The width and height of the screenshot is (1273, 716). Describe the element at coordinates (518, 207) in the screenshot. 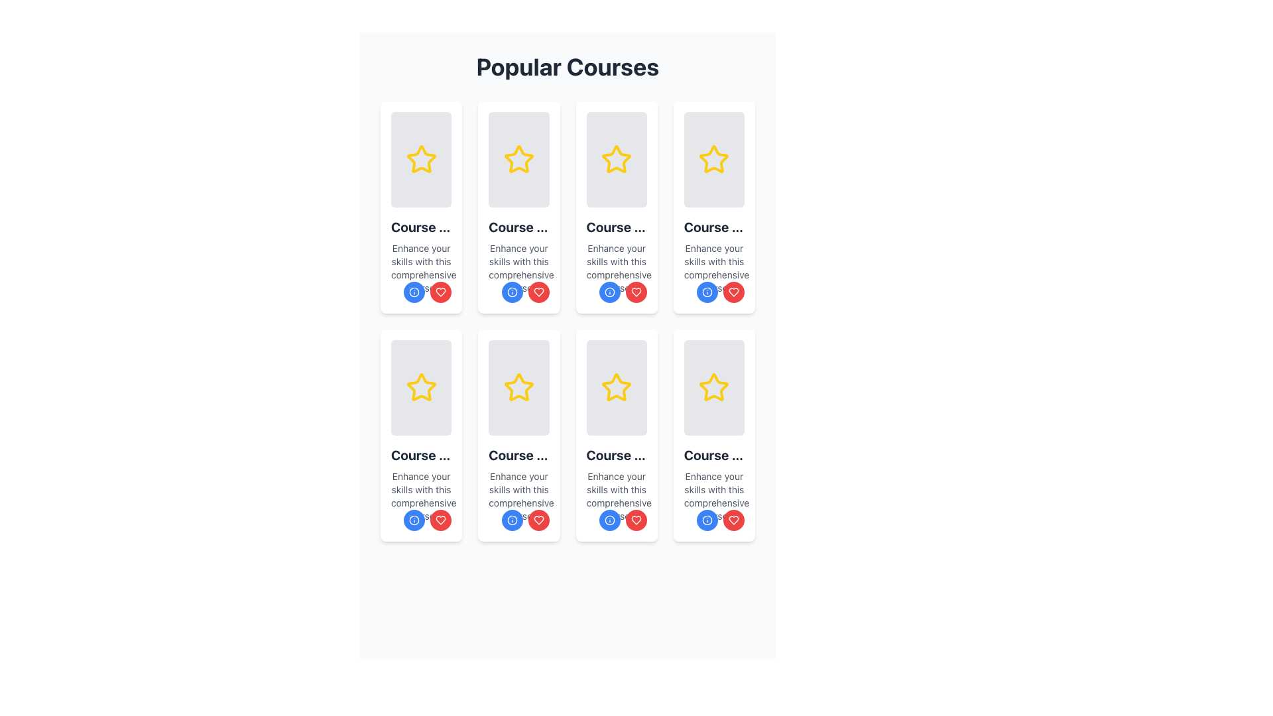

I see `the interactive course card located in the second column of the upper row, which displays course-related information and allows users to save it as a favorite or get more information` at that location.